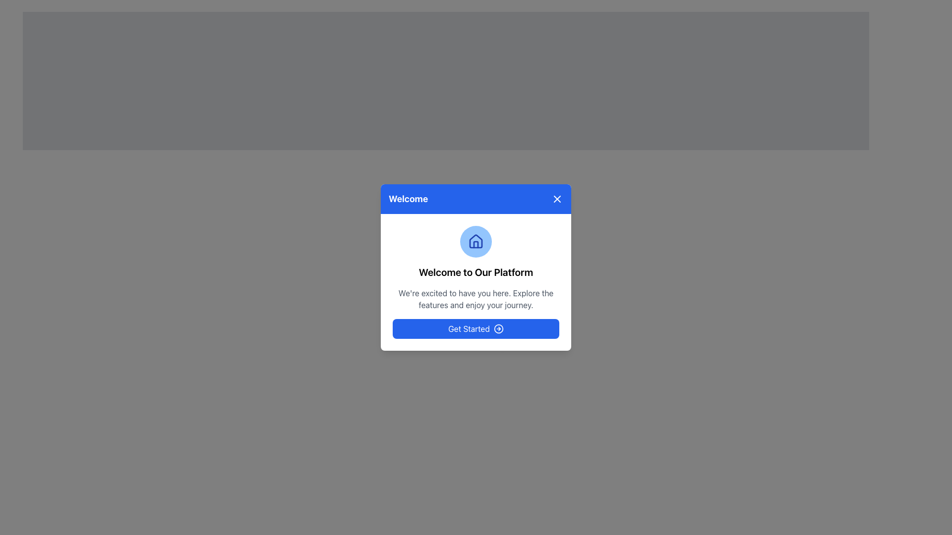 Image resolution: width=952 pixels, height=535 pixels. Describe the element at coordinates (476, 242) in the screenshot. I see `the 'home' icon located in the blue circular area at the top of the 'Welcome' modal dialog` at that location.